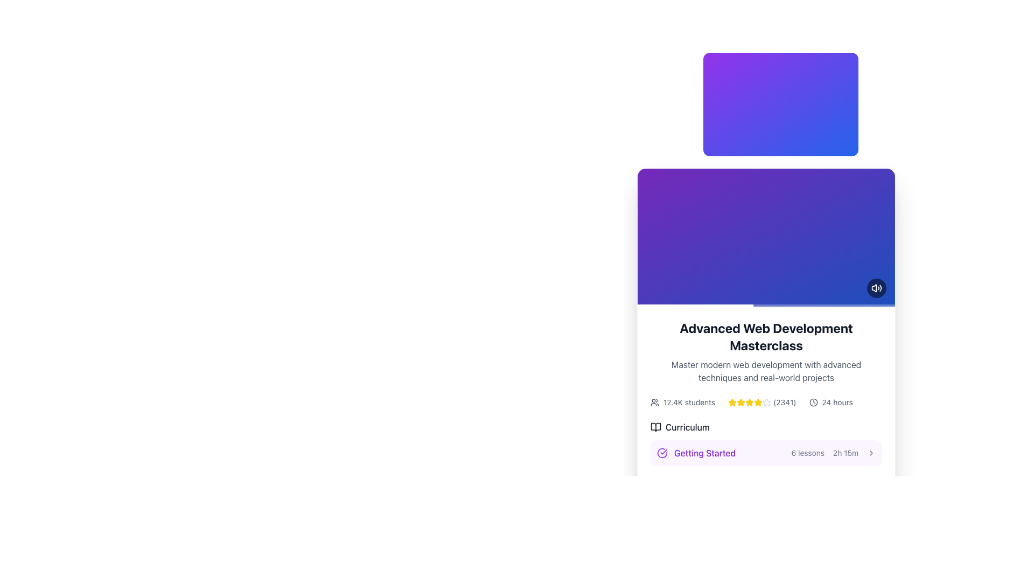  I want to click on the second star icon in the five-star rating system located below the course title, so click(740, 402).